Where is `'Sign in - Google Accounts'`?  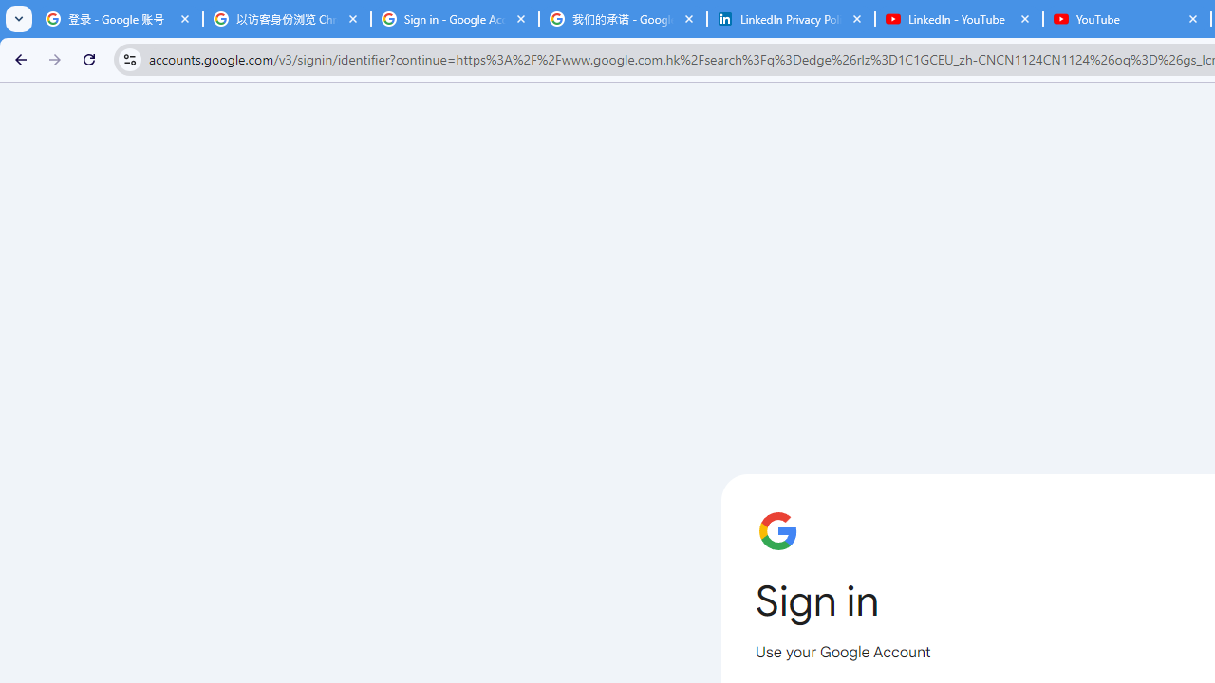
'Sign in - Google Accounts' is located at coordinates (454, 19).